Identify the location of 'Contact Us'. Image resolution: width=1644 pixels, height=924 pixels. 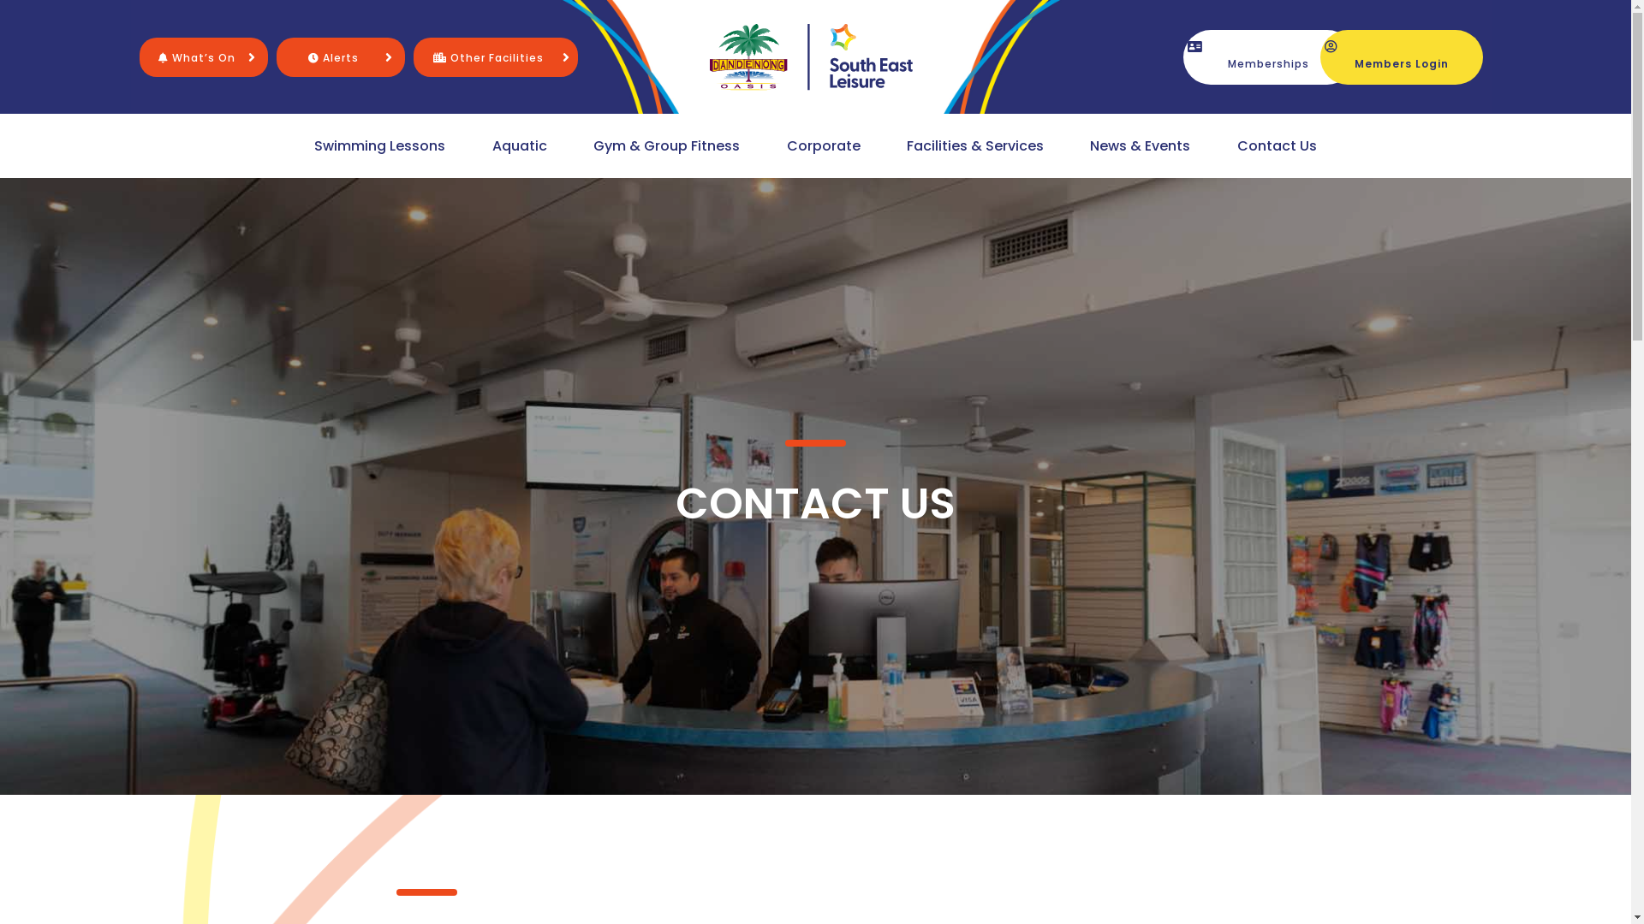
(1277, 145).